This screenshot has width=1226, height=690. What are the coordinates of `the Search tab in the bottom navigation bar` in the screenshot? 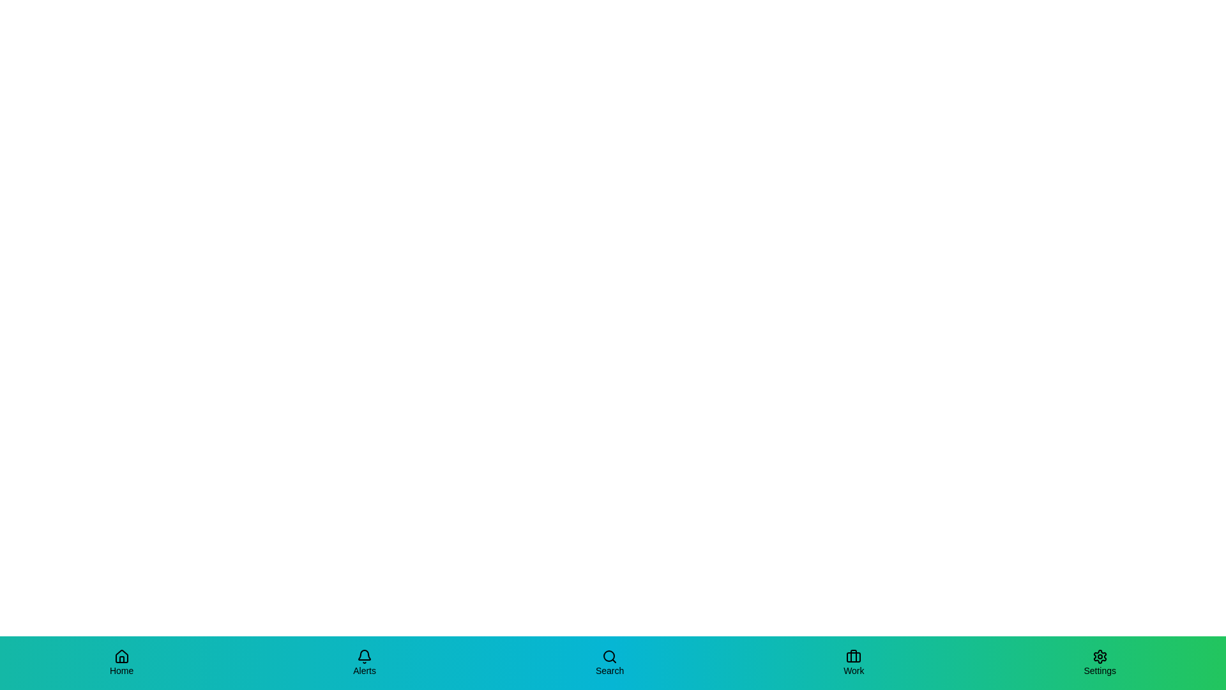 It's located at (609, 662).